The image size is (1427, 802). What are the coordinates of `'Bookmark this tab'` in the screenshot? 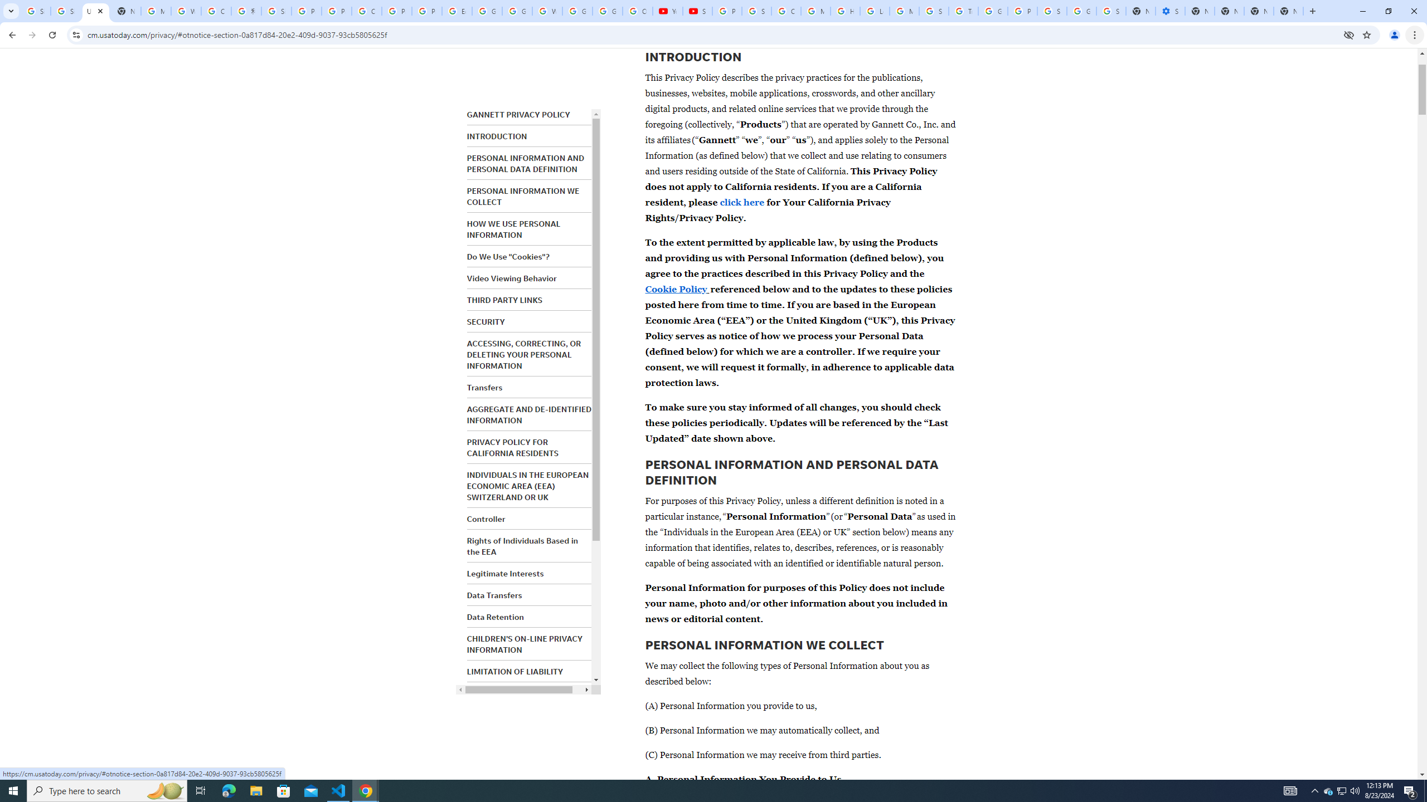 It's located at (1366, 34).